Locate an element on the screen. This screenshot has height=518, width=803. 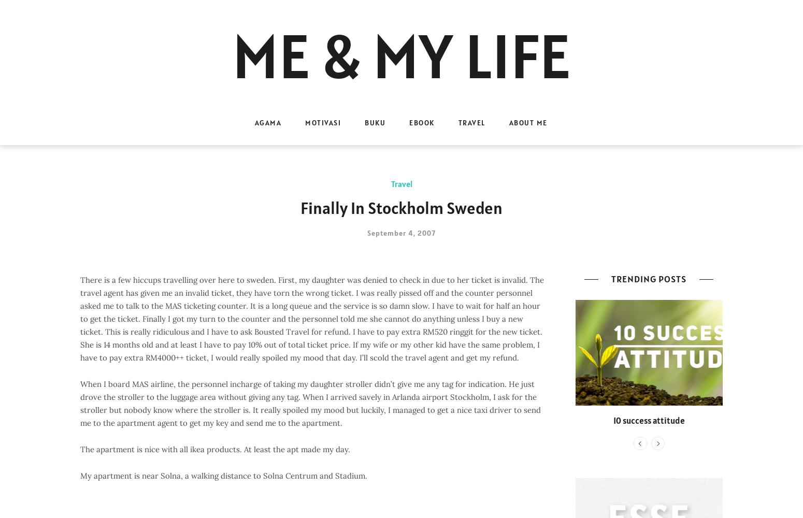
'When I board MAS airline, the personnel incharge of taking my daughter stroller didn’t give me any tag for indication. He just drove the stroller to the luggage area without giving any tag. When I arrived savely in Arlanda airport Stockholm, I ask for the stroller but nobody know where the stroller is. It really spoiled my mood but luckily, I managed to get a nice taxi driver to send me to the apartment agent to get my key and send me to the apartment.' is located at coordinates (310, 403).